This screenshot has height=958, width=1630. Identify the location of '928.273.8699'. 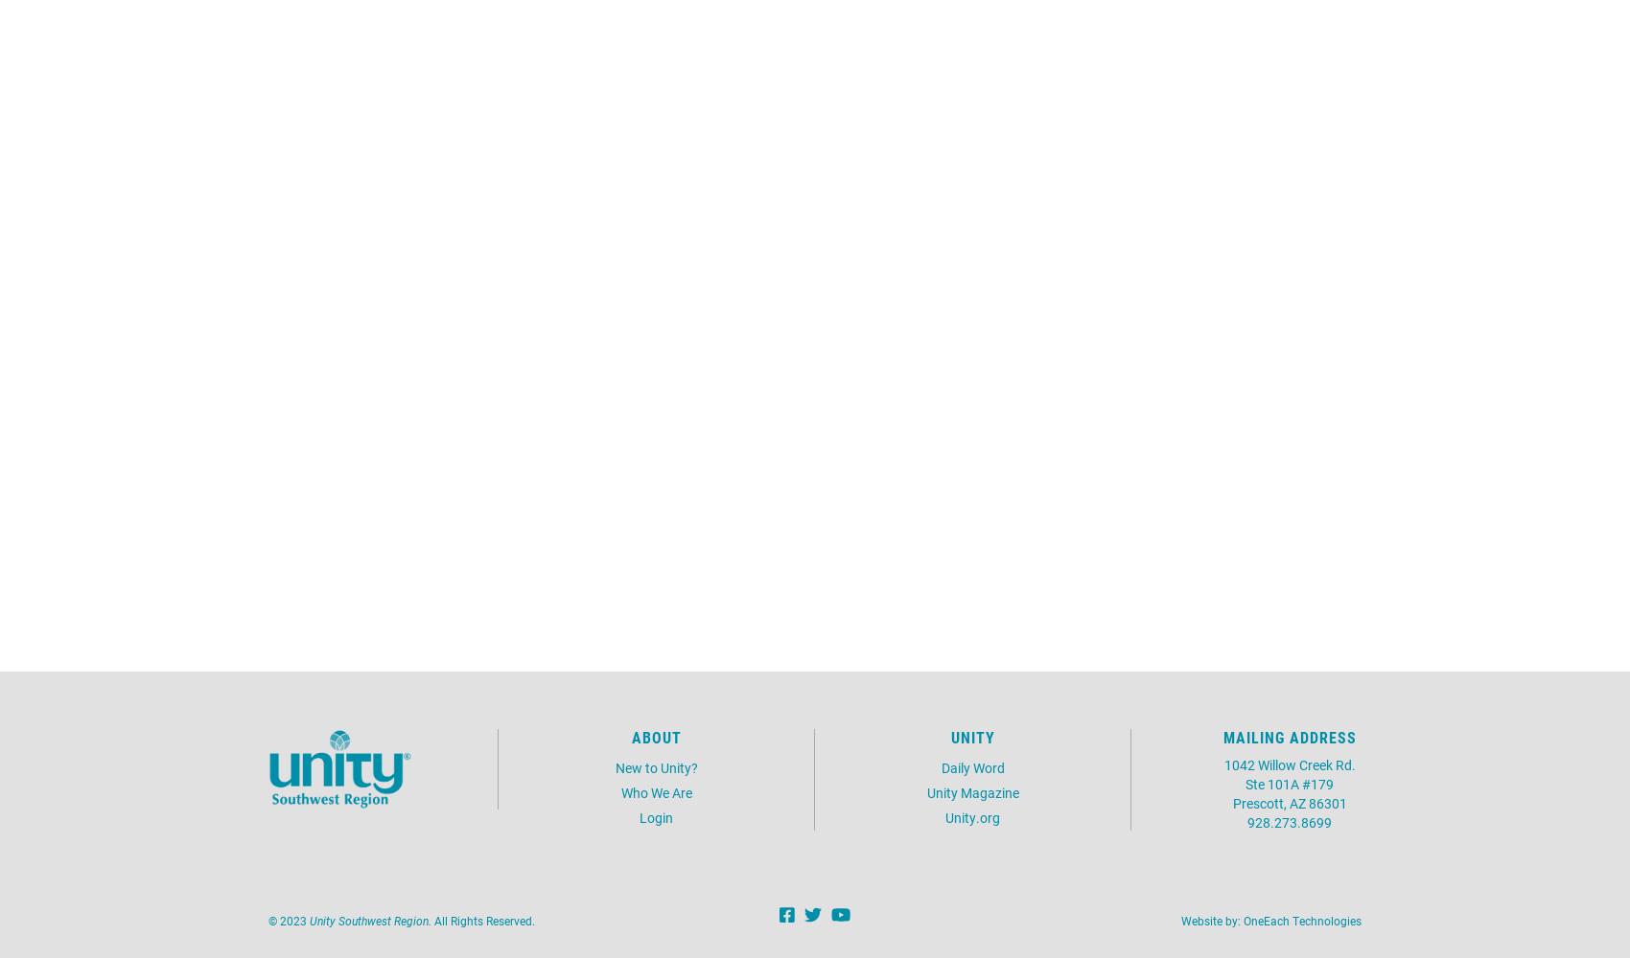
(1290, 820).